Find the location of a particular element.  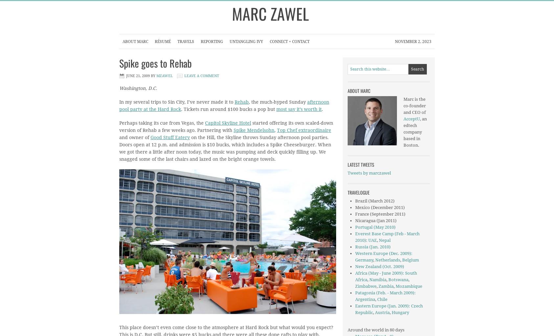

'Tweets by marczawel' is located at coordinates (347, 173).